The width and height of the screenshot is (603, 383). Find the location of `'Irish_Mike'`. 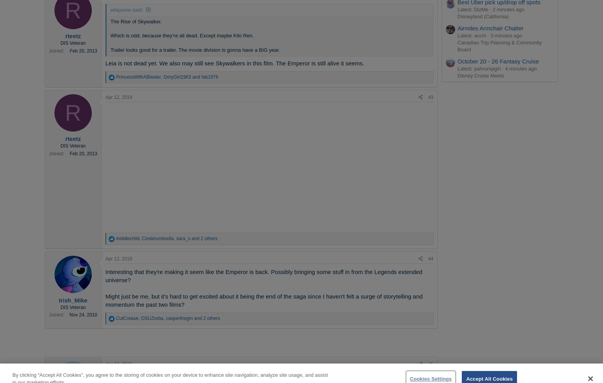

'Irish_Mike' is located at coordinates (58, 299).